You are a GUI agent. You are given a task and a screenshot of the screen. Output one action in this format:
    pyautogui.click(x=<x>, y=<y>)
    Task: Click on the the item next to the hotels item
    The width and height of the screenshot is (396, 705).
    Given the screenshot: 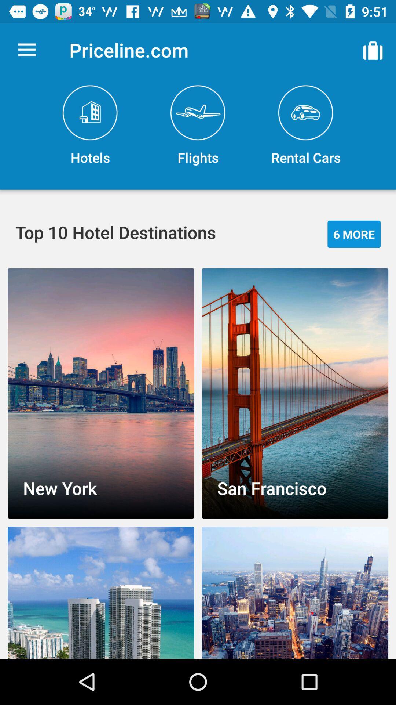 What is the action you would take?
    pyautogui.click(x=198, y=126)
    